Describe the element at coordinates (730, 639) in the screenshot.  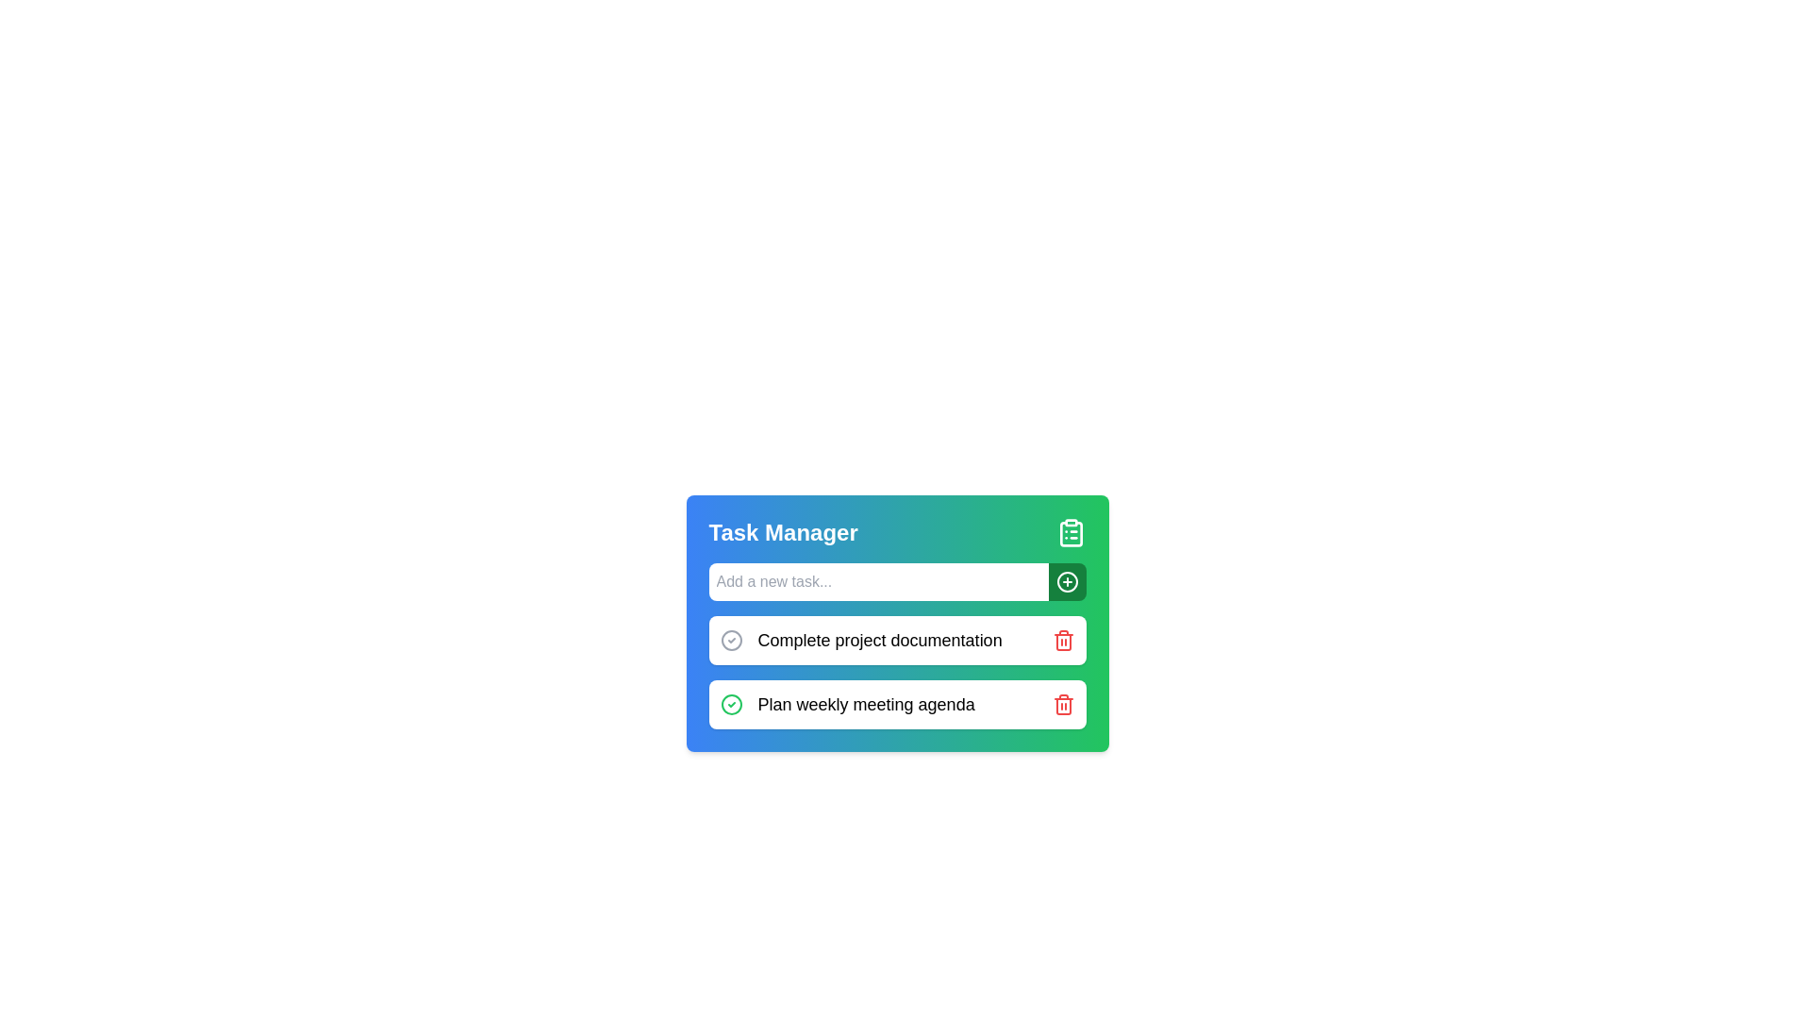
I see `the interactive SVG circle element with a gray border, which is aligned to the left of the task title 'Plan weekly meeting agenda'` at that location.